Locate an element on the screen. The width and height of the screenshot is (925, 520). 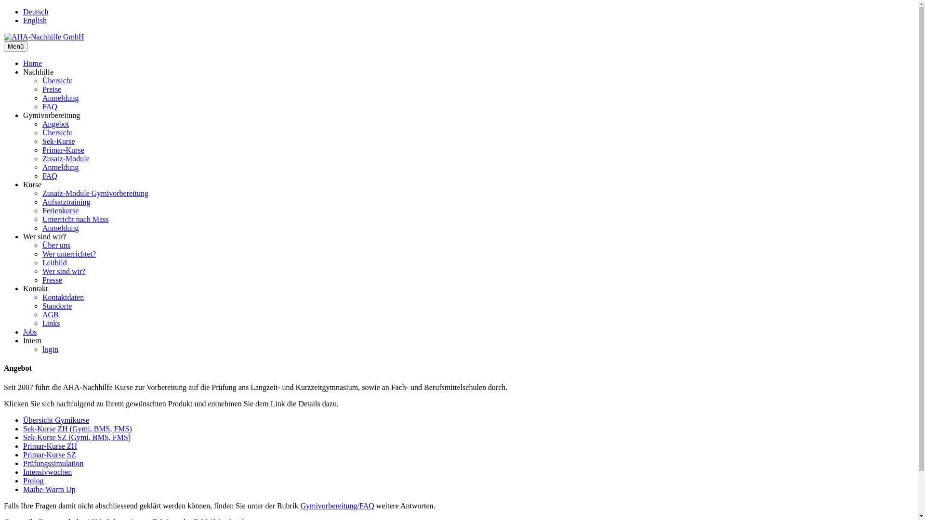
'Anmeldung' is located at coordinates (60, 98).